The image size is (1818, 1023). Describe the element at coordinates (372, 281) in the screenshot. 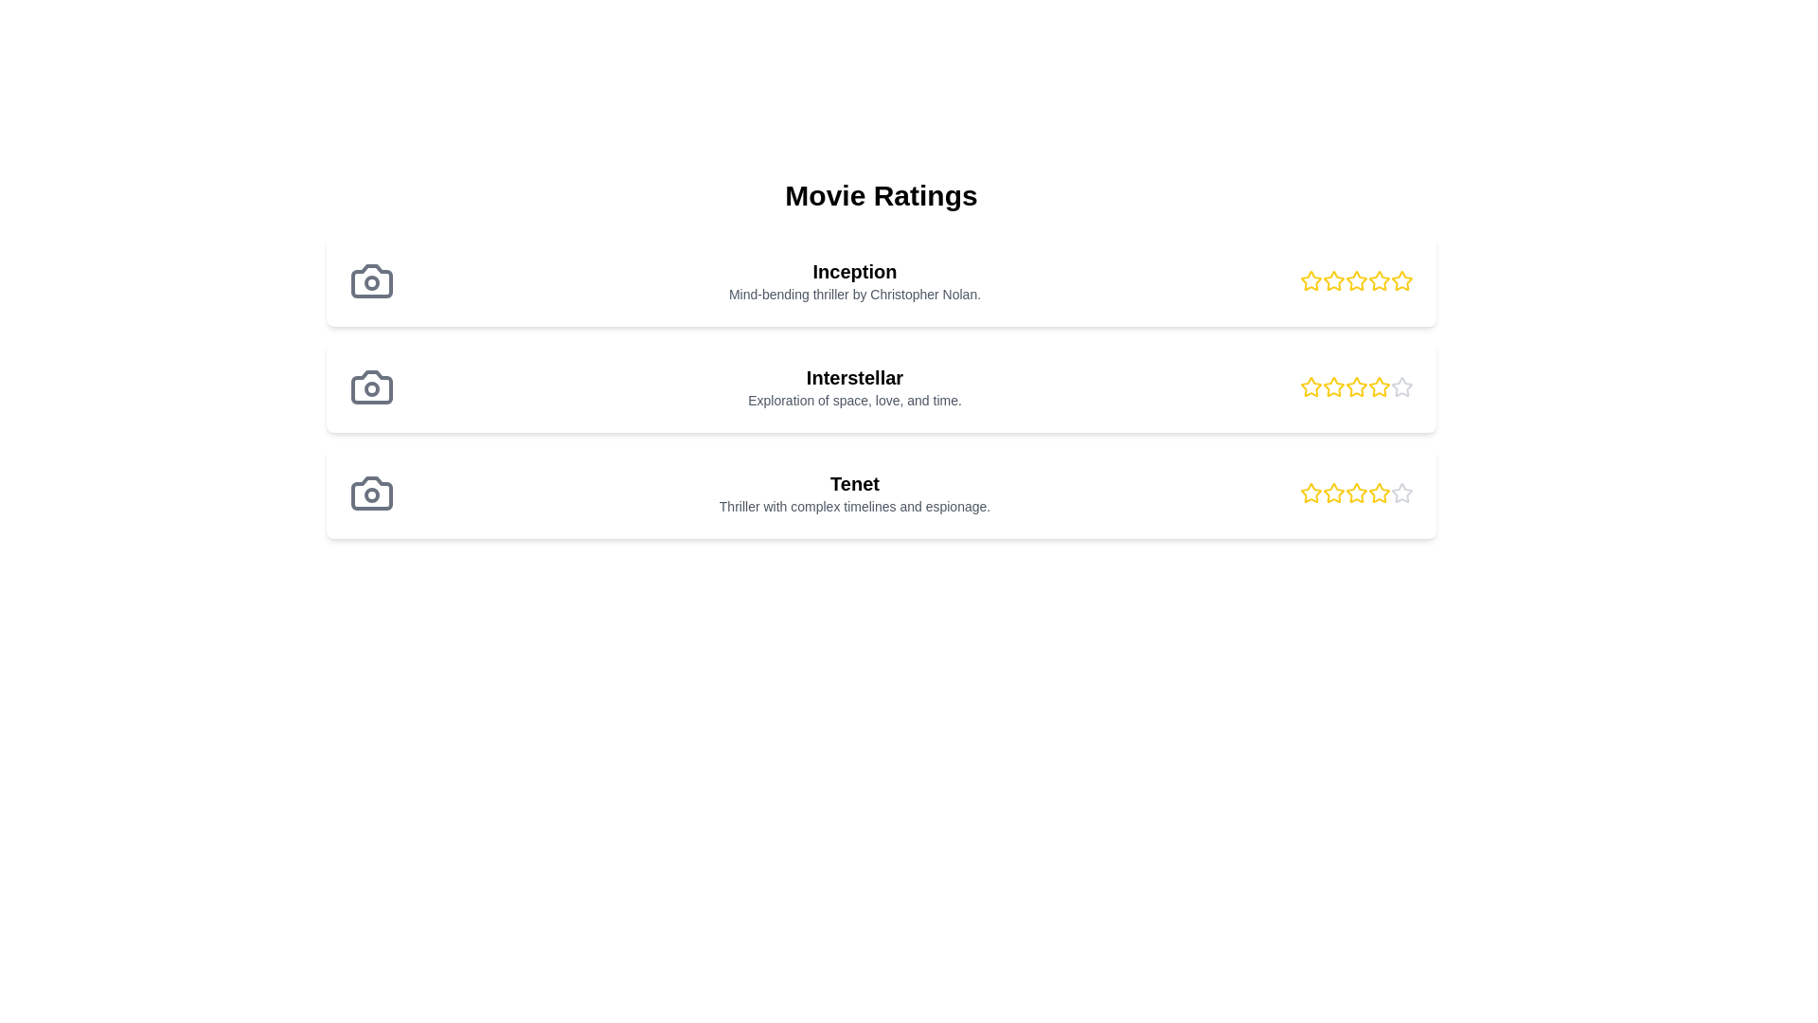

I see `the minimalist gray camera icon that is the leftmost item in the list entry for the movie 'Inception'` at that location.